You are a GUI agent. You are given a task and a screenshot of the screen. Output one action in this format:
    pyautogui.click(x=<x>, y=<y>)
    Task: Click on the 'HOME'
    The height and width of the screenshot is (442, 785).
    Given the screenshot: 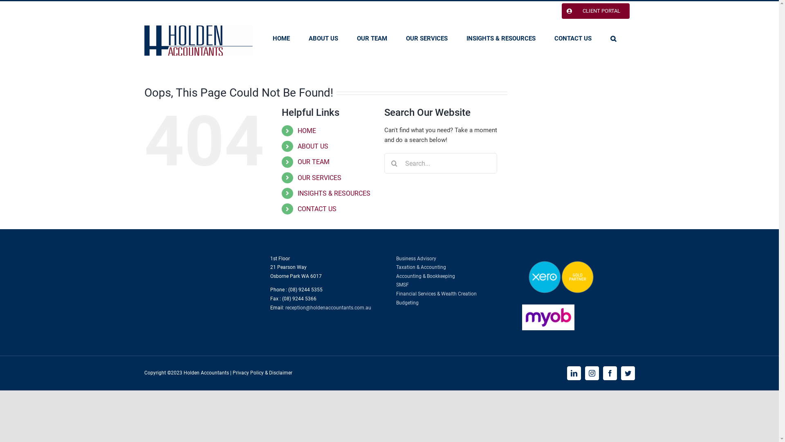 What is the action you would take?
    pyautogui.click(x=280, y=38)
    